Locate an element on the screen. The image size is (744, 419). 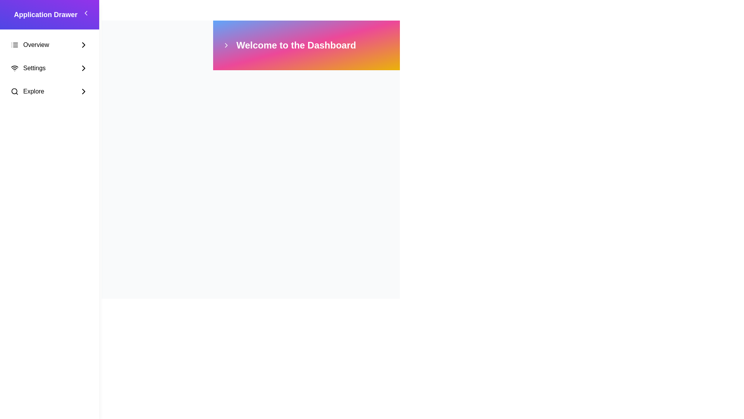
the left-facing chevron icon located within the square button in the 'Application Drawer' sidebar is located at coordinates (86, 13).